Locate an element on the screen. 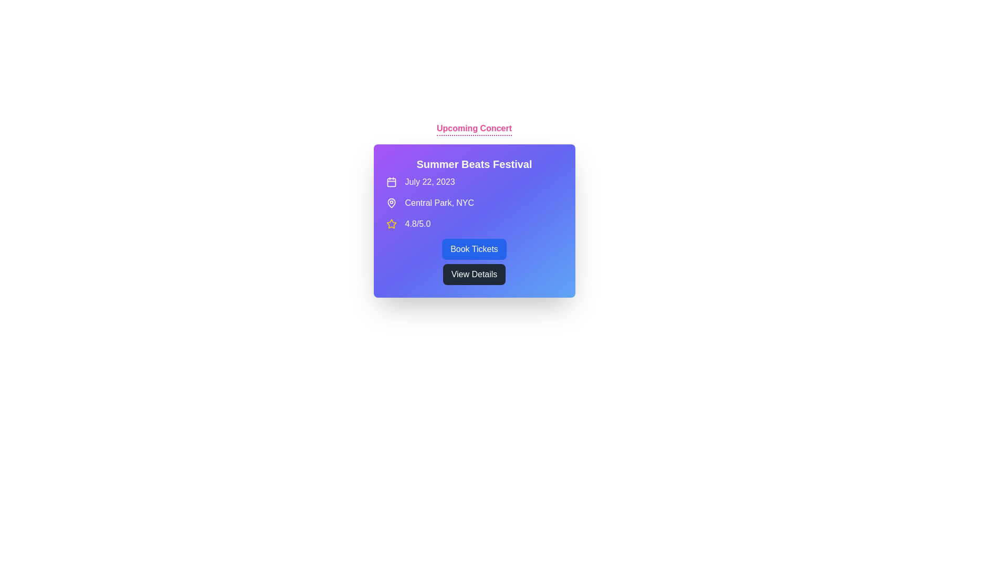 The image size is (1008, 567). the pin-like icon that resembles a map marker, located immediately to the left of the text 'Central Park, NYC' in the second segment of the card is located at coordinates (391, 203).